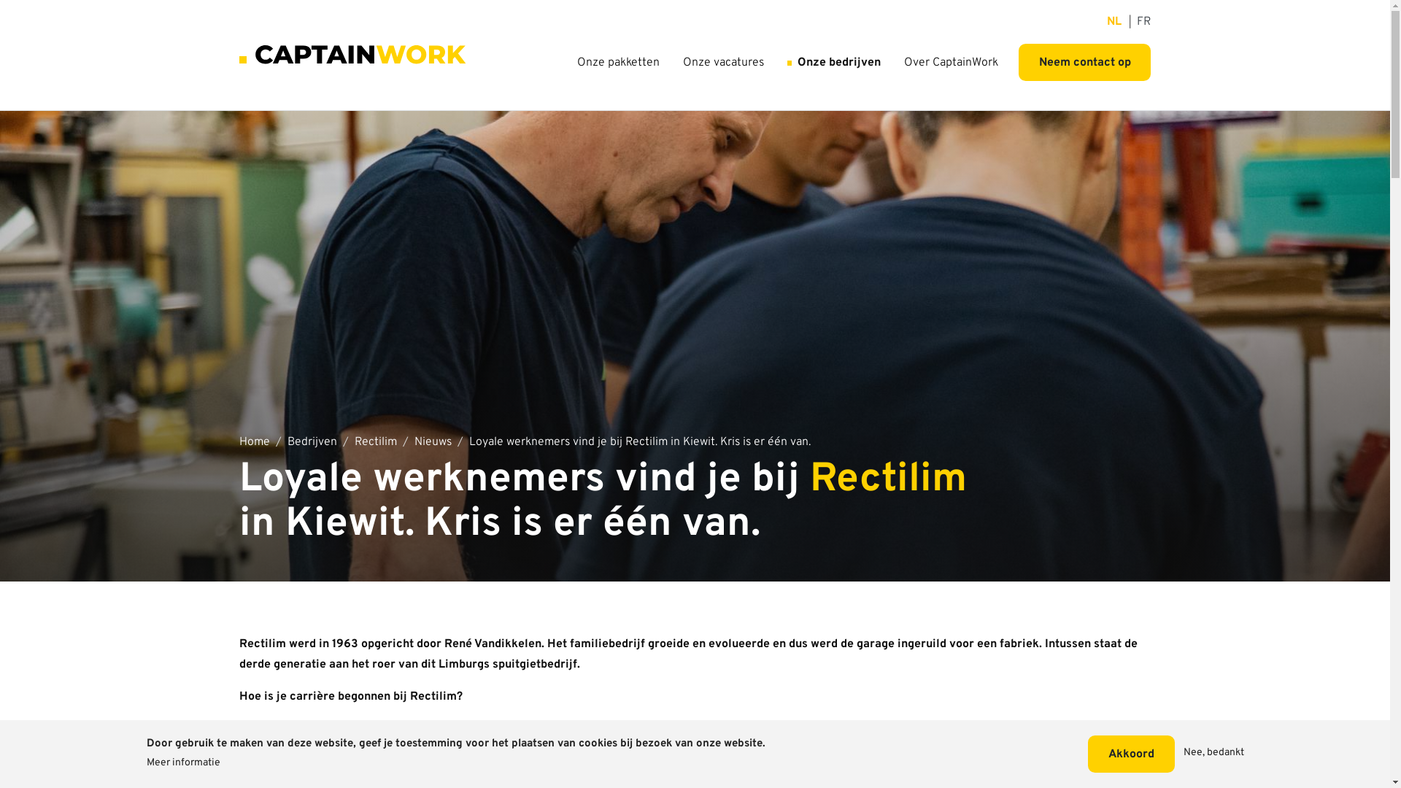 This screenshot has width=1401, height=788. I want to click on 'Onze bedrijven', so click(833, 61).